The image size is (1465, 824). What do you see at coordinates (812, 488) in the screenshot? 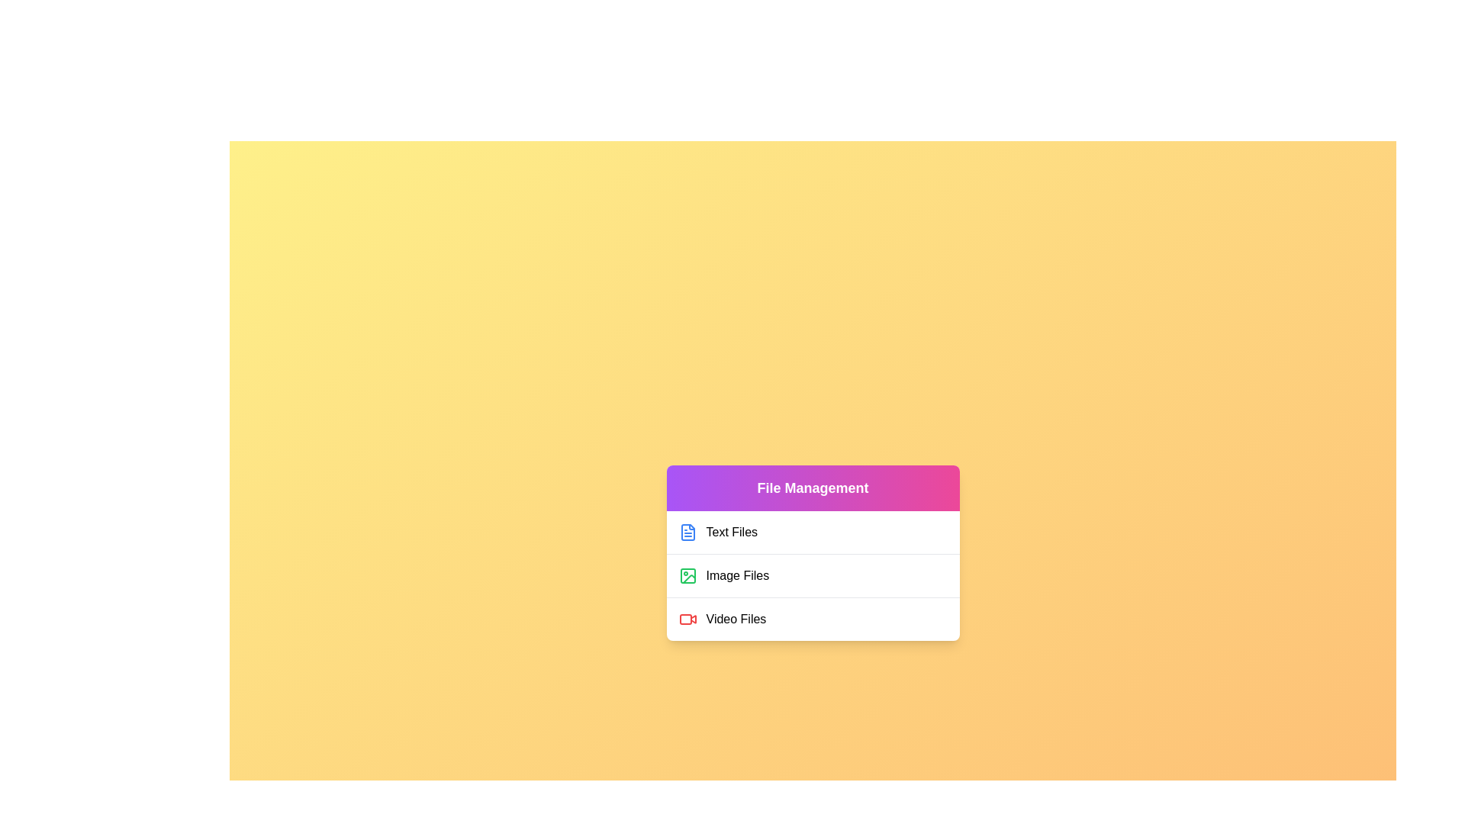
I see `the 'File Management' toggle button to interact with the menu` at bounding box center [812, 488].